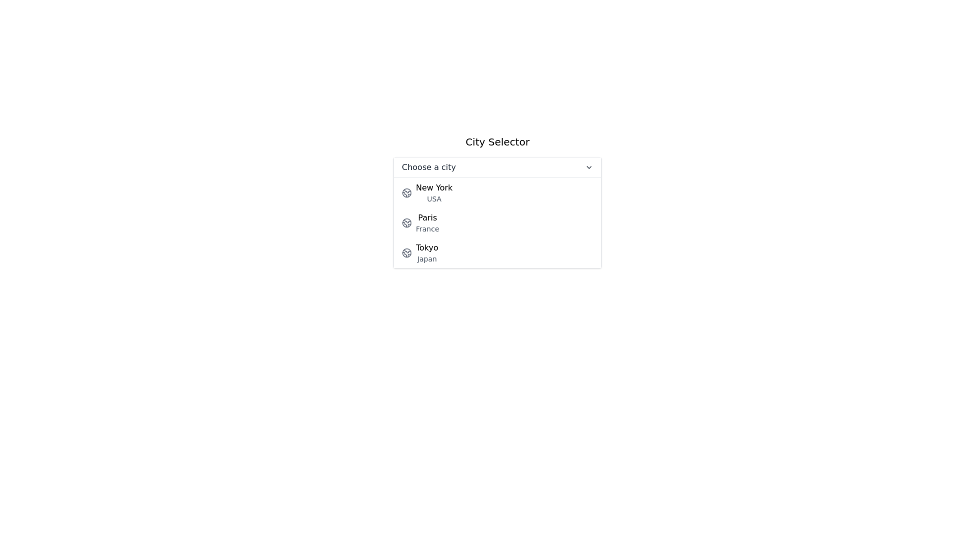  Describe the element at coordinates (427, 247) in the screenshot. I see `text label displaying the city name 'Tokyo' located in the dropdown selection area under the header 'City Selector'` at that location.